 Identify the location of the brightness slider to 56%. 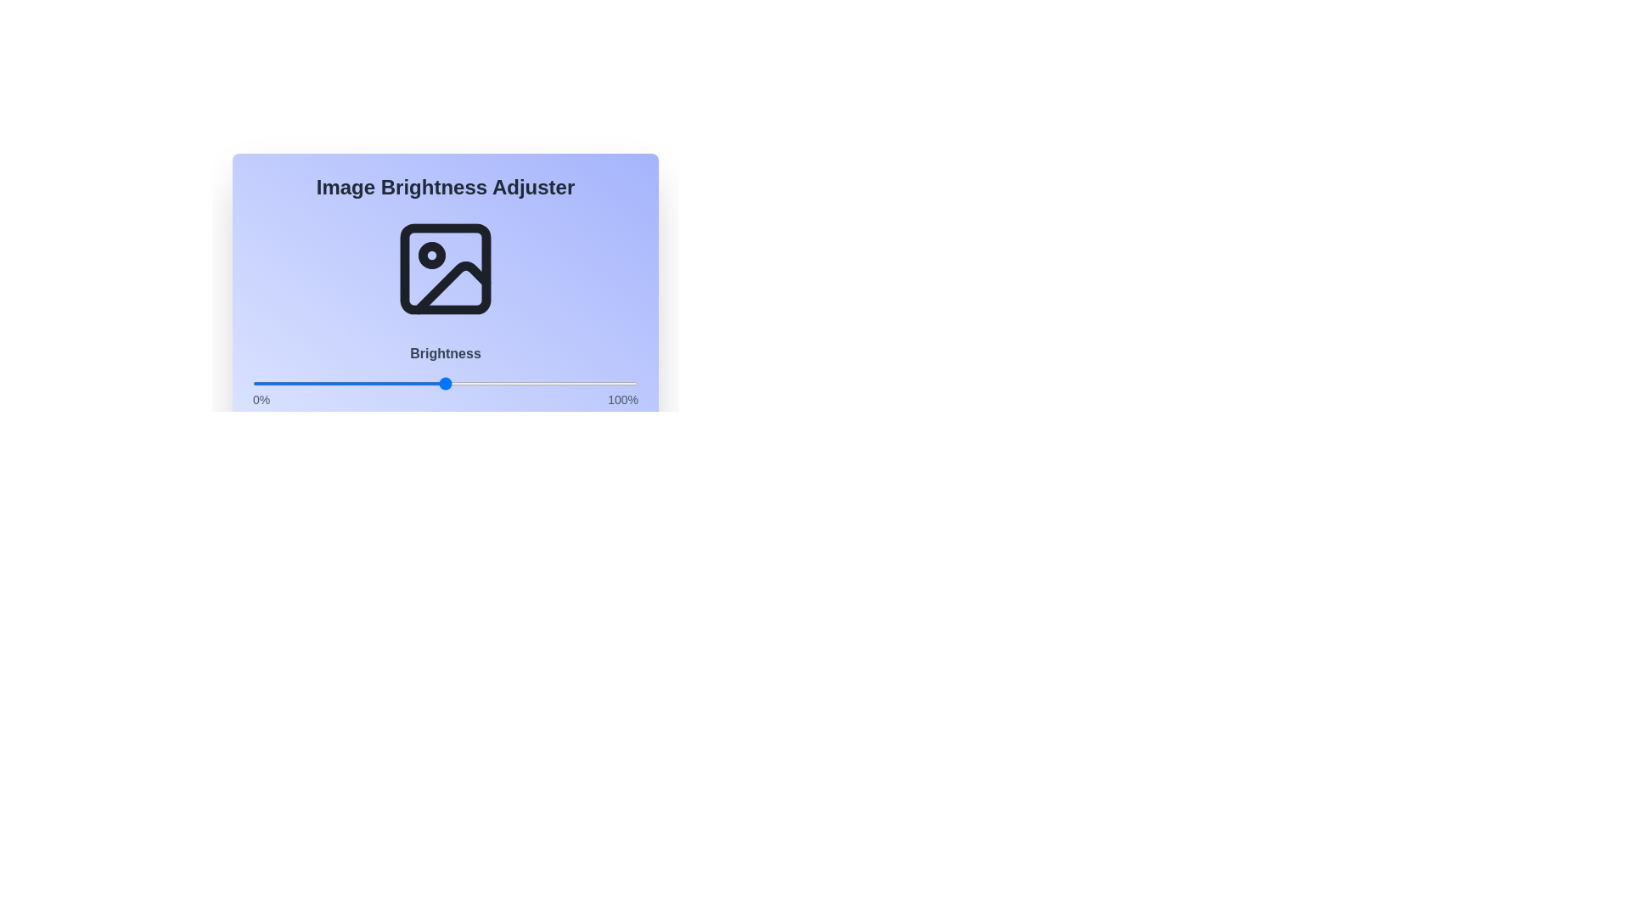
(469, 383).